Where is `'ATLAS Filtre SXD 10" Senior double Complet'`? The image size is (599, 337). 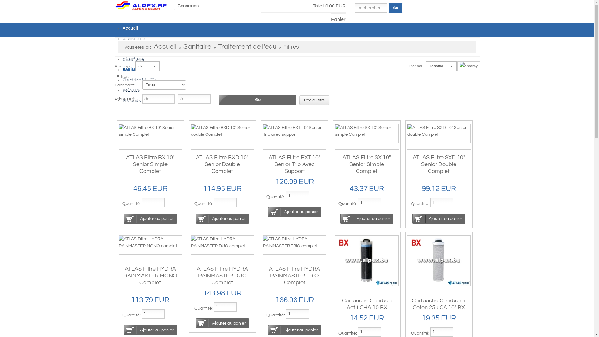
'ATLAS Filtre SXD 10" Senior double Complet' is located at coordinates (438, 131).